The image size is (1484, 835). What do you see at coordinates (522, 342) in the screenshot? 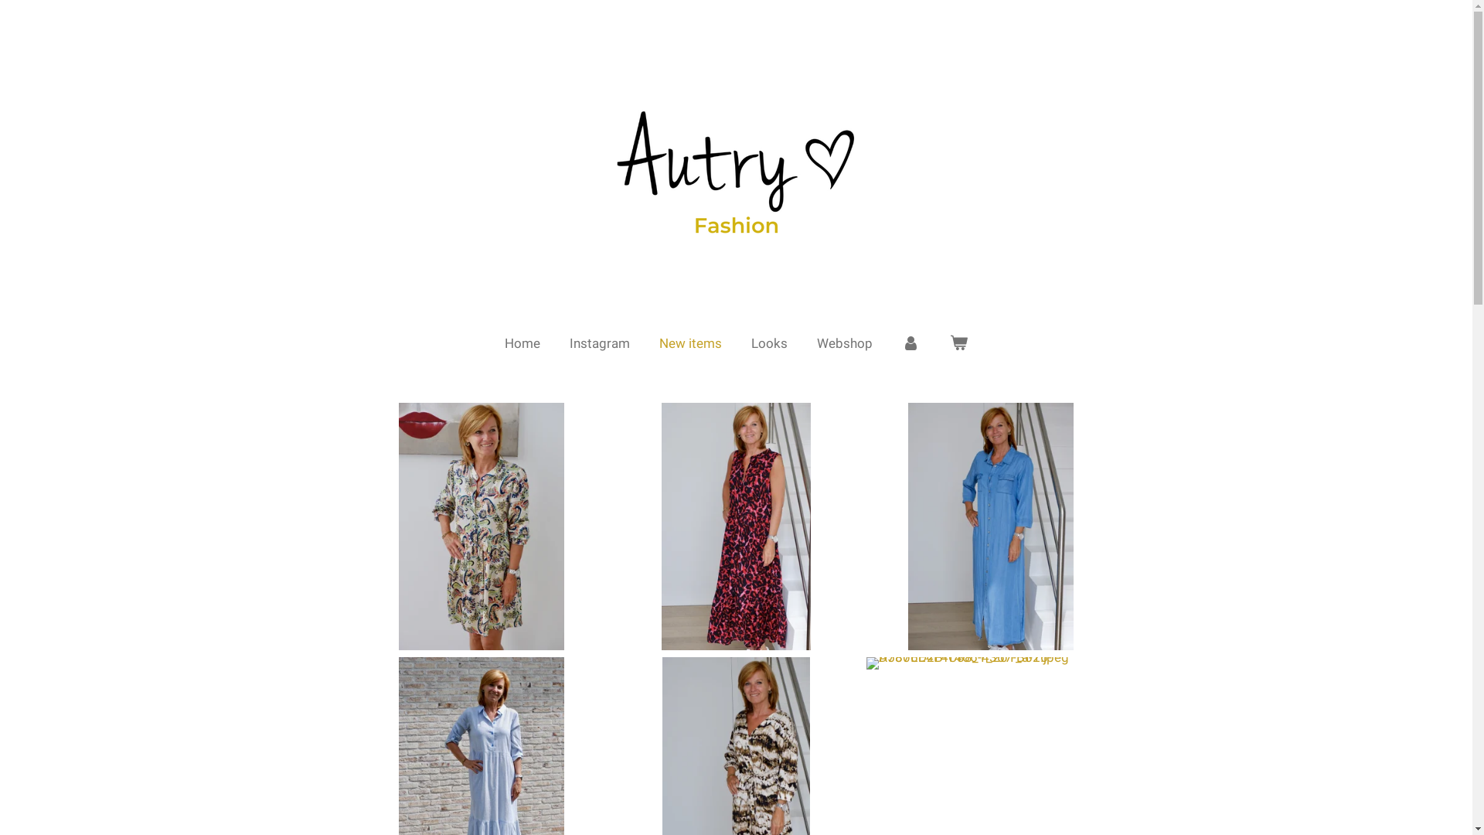
I see `'Home'` at bounding box center [522, 342].